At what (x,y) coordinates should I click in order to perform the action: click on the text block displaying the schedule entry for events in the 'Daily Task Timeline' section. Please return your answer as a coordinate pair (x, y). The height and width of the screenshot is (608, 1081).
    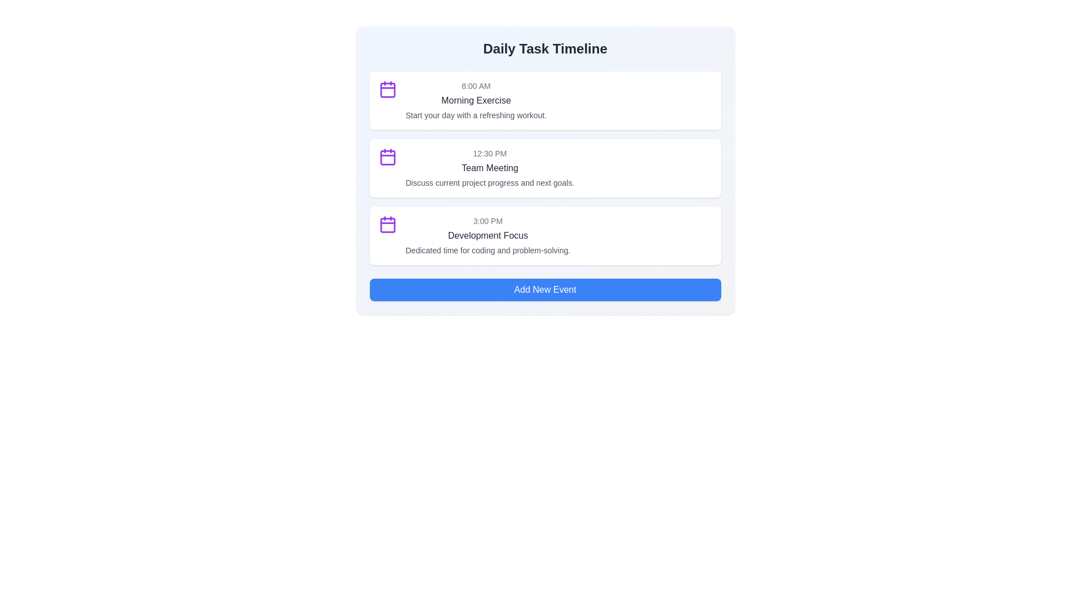
    Looking at the image, I should click on (476, 100).